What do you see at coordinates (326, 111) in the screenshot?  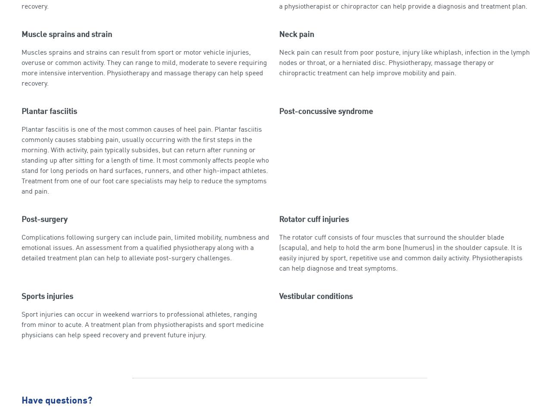 I see `'Post-concussive syndrome'` at bounding box center [326, 111].